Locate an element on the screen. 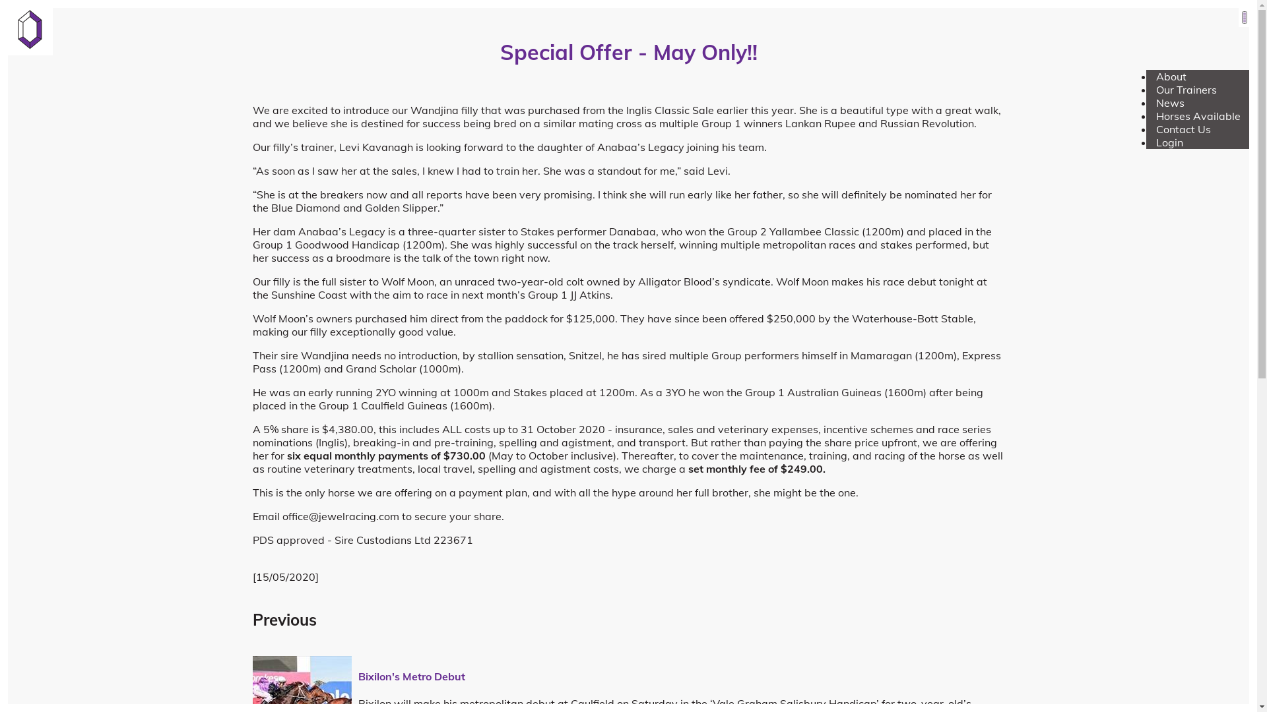 This screenshot has height=712, width=1267. 'Horses Available' is located at coordinates (1198, 115).